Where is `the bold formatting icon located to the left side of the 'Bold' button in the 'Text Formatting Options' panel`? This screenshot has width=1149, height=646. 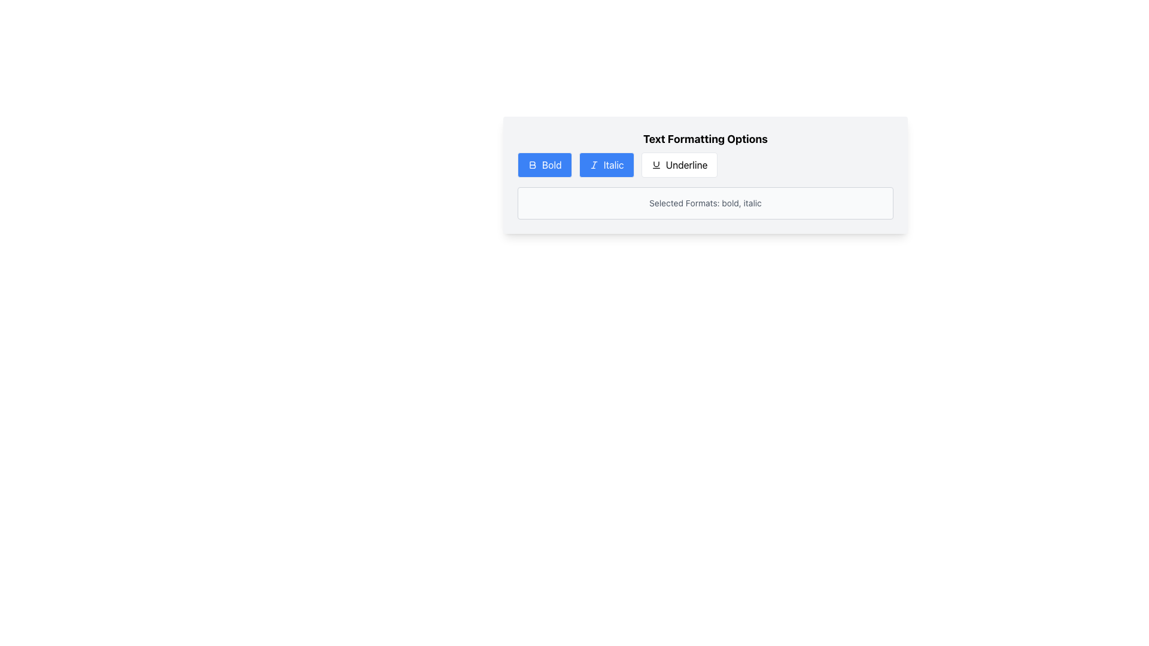
the bold formatting icon located to the left side of the 'Bold' button in the 'Text Formatting Options' panel is located at coordinates (531, 165).